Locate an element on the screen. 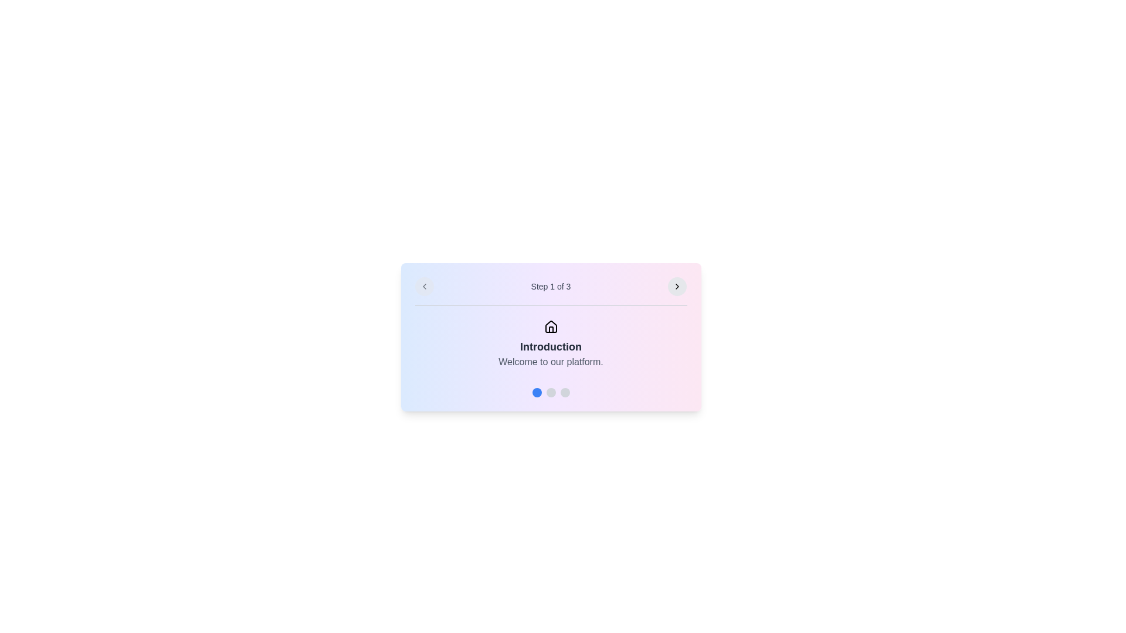 The height and width of the screenshot is (633, 1126). contextual information displayed on the introduction card, which is centrally positioned and provides guidance for the current step in the wizard interface is located at coordinates (550, 337).